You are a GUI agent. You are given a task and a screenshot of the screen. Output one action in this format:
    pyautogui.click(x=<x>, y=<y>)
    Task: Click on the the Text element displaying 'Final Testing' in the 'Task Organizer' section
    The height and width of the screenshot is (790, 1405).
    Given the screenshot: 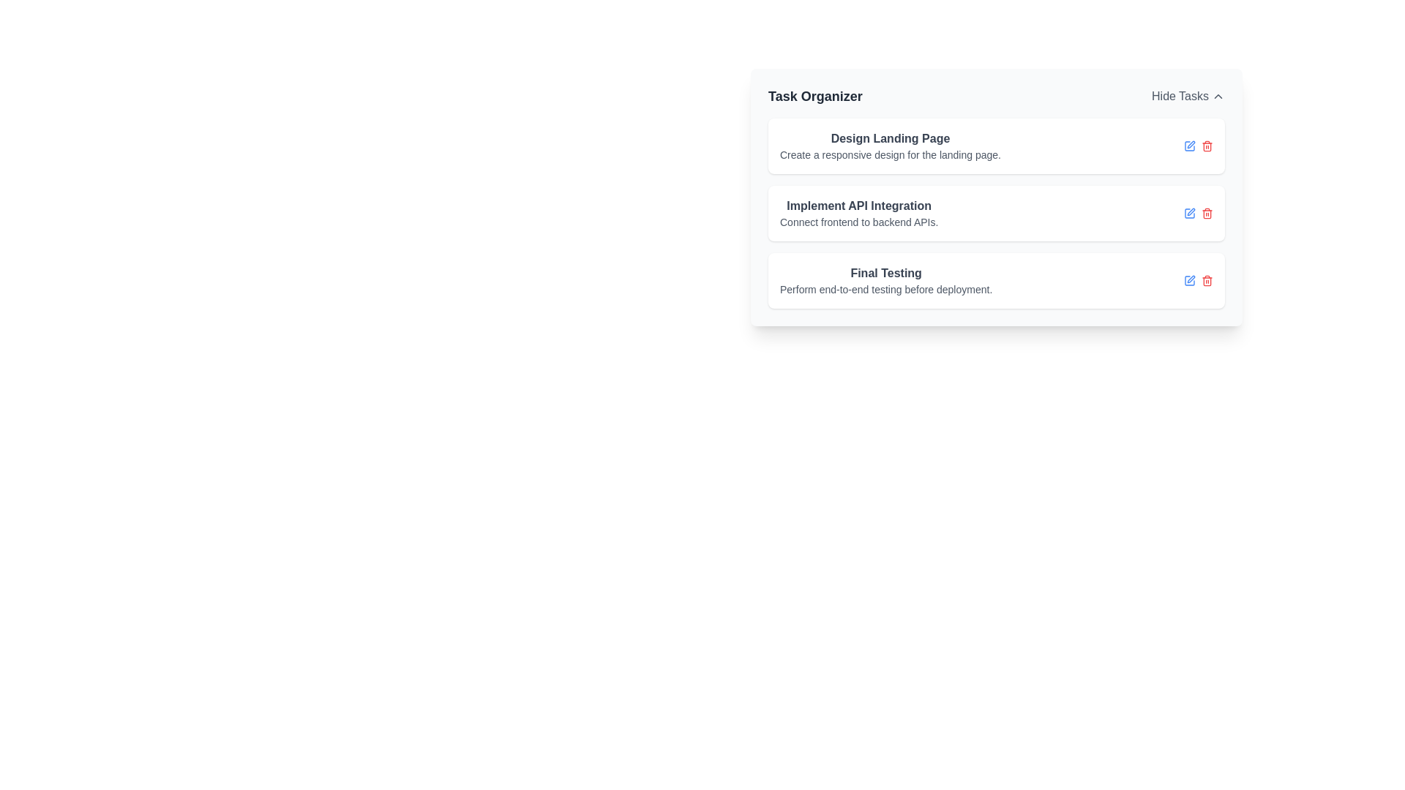 What is the action you would take?
    pyautogui.click(x=885, y=274)
    